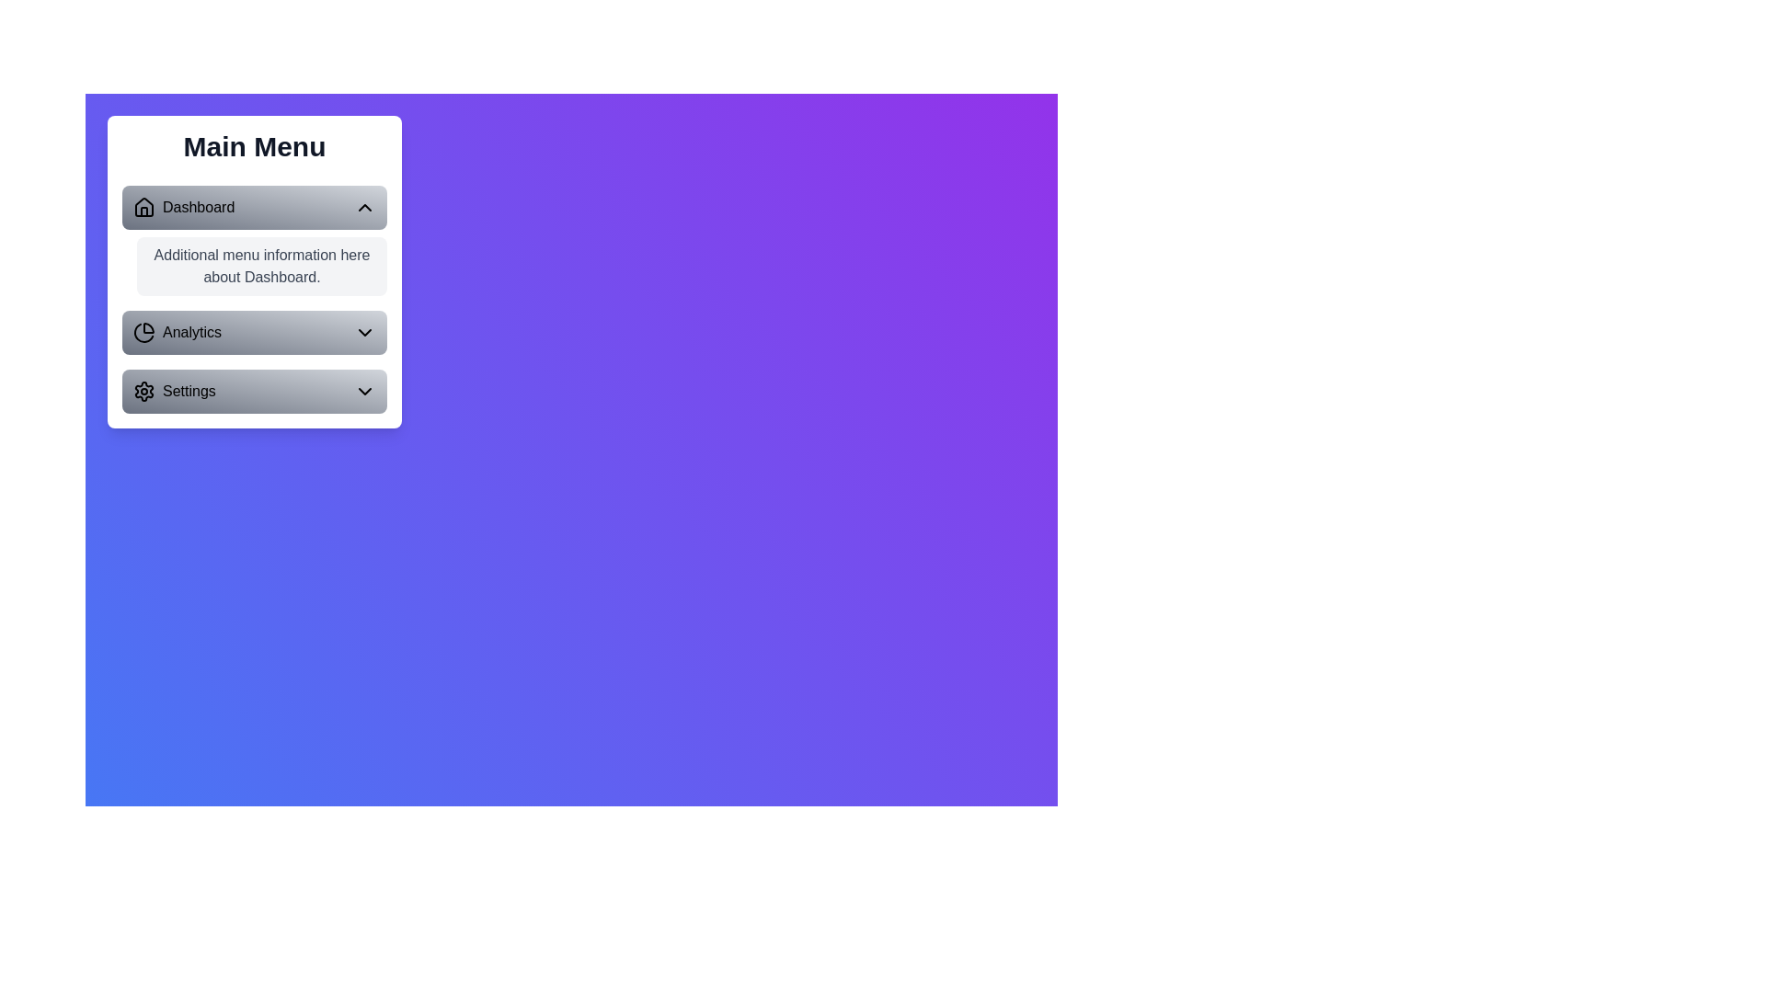  What do you see at coordinates (143, 390) in the screenshot?
I see `the small gear icon representing settings` at bounding box center [143, 390].